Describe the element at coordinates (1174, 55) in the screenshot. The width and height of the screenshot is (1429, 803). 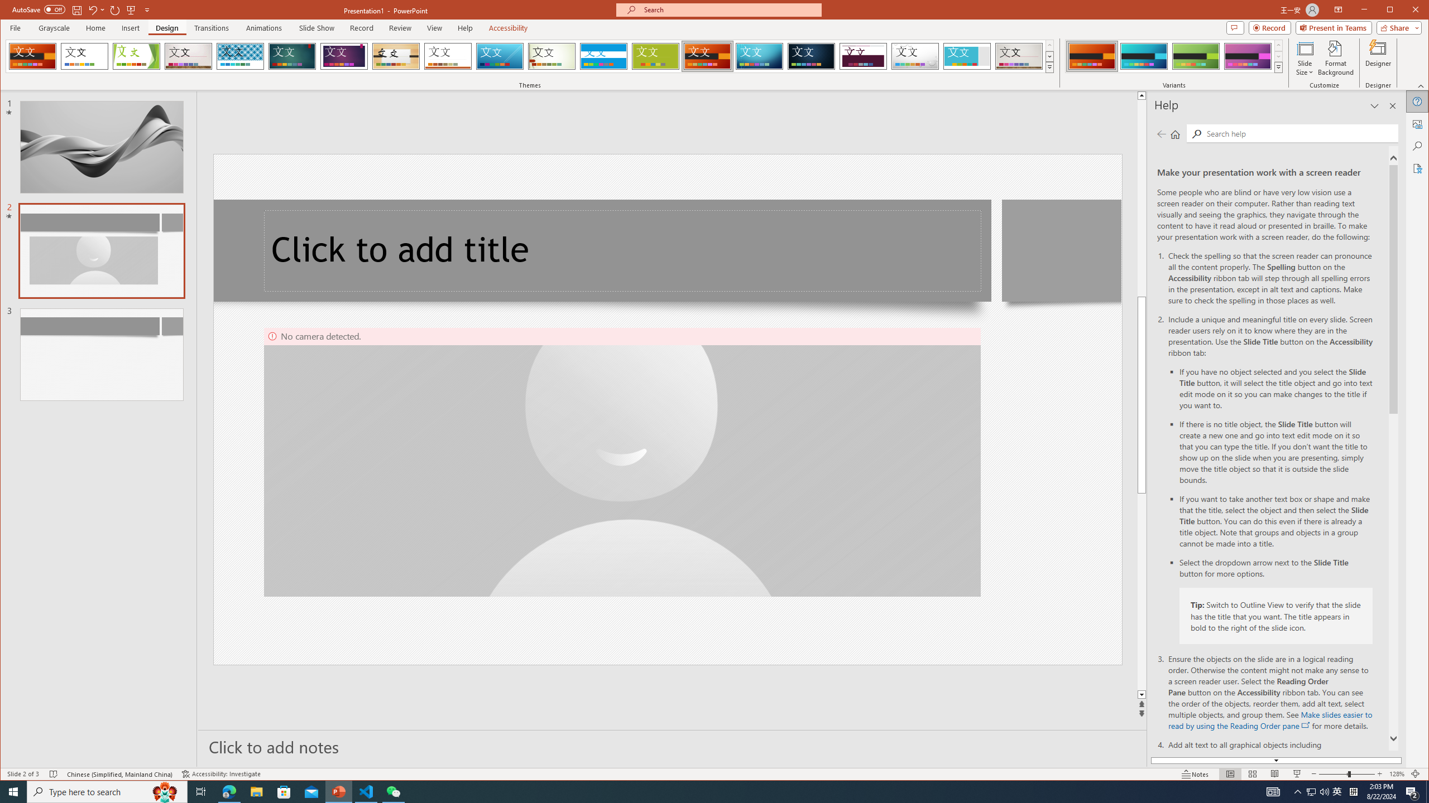
I see `'AutomationID: ThemeVariantsGallery'` at that location.